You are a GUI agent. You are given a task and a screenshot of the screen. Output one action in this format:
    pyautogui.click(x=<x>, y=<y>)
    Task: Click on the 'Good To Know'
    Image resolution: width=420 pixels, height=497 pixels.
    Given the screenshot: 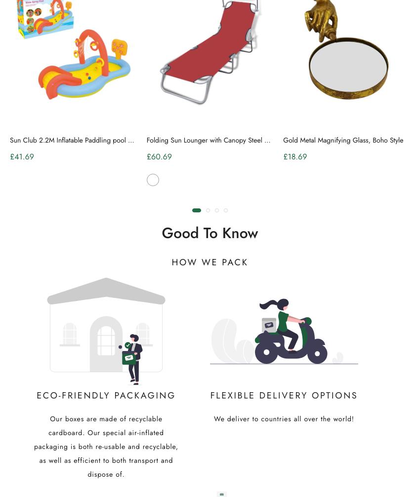 What is the action you would take?
    pyautogui.click(x=210, y=232)
    